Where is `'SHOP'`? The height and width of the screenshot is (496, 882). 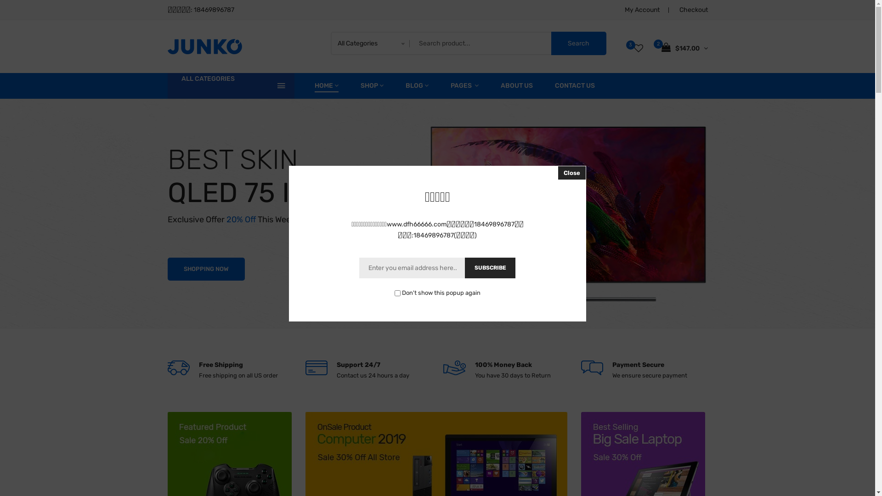
'SHOP' is located at coordinates (372, 85).